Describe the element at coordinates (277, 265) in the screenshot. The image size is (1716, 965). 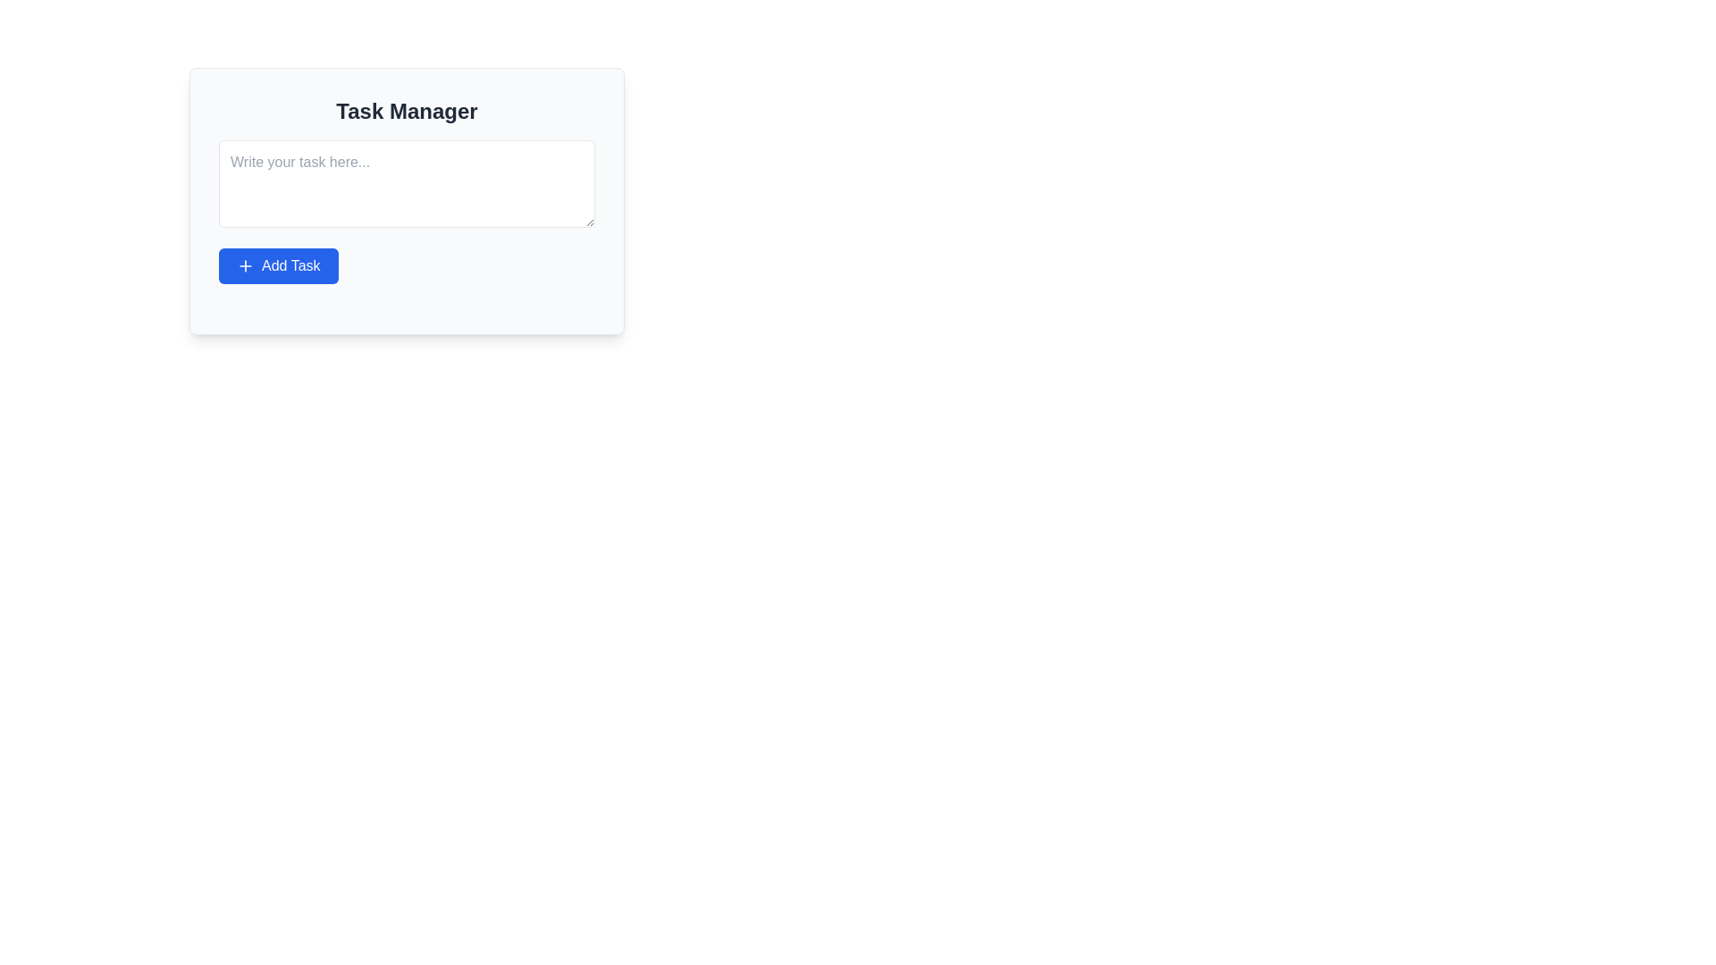
I see `the 'Add Task' button with a blue background and white text` at that location.